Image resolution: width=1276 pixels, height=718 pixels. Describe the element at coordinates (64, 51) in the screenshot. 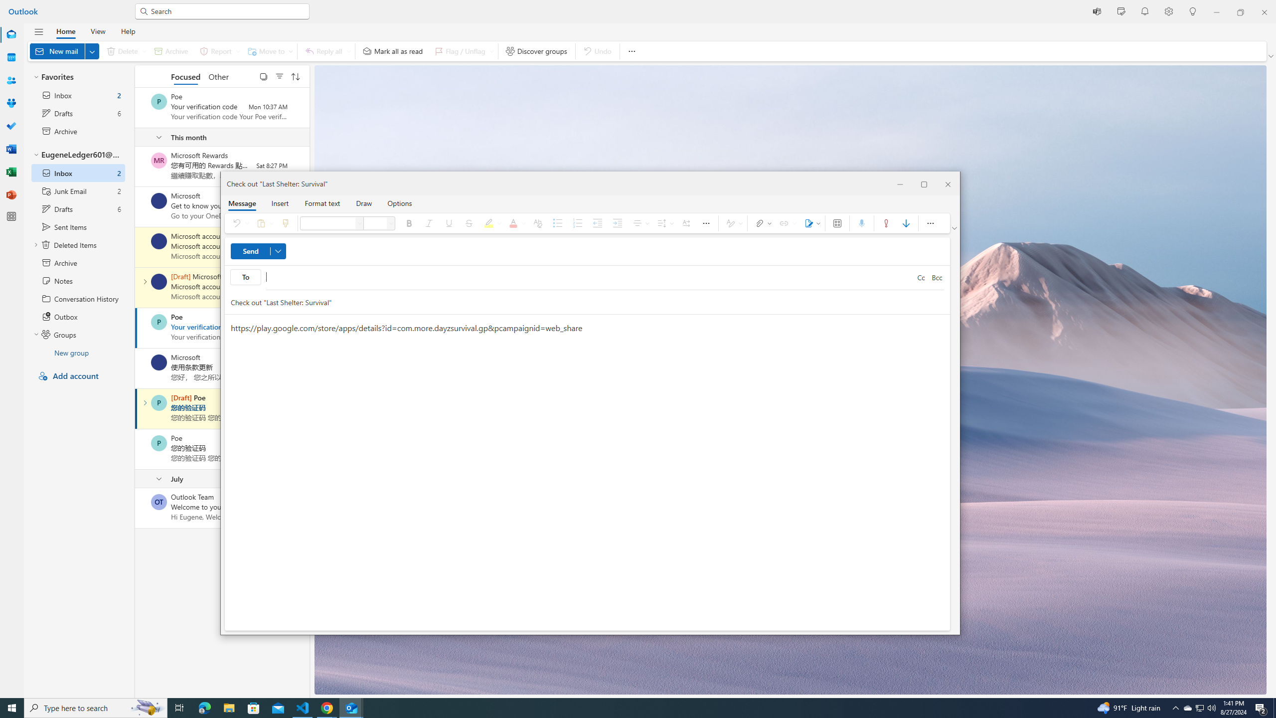

I see `'New mail'` at that location.